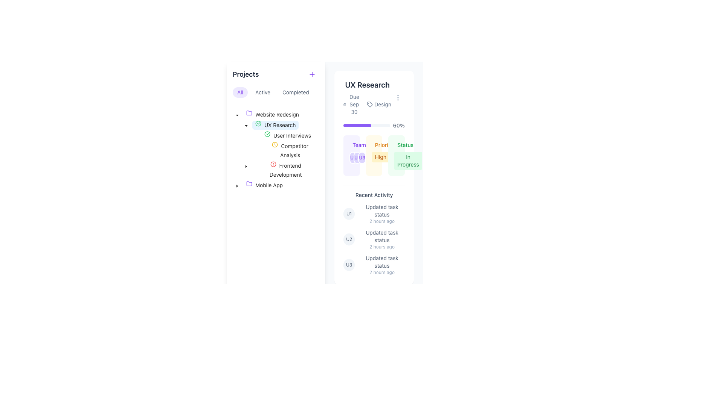 The height and width of the screenshot is (406, 723). Describe the element at coordinates (351, 155) in the screenshot. I see `an individual avatar within the Avatar Group` at that location.